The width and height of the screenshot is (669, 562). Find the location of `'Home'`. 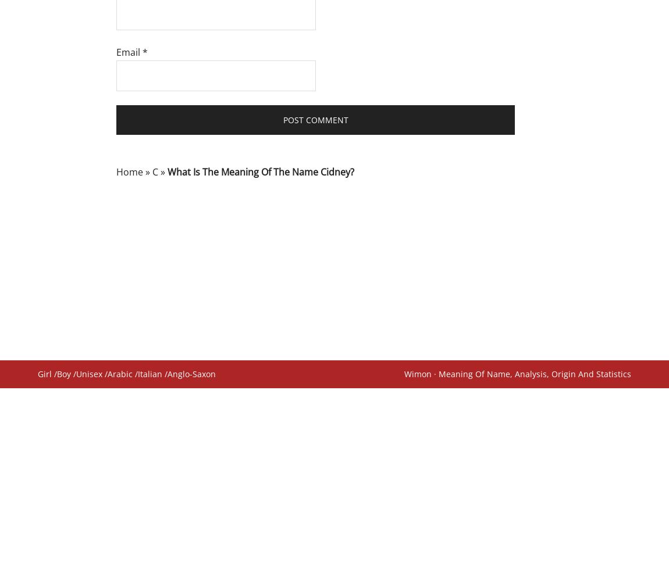

'Home' is located at coordinates (129, 171).